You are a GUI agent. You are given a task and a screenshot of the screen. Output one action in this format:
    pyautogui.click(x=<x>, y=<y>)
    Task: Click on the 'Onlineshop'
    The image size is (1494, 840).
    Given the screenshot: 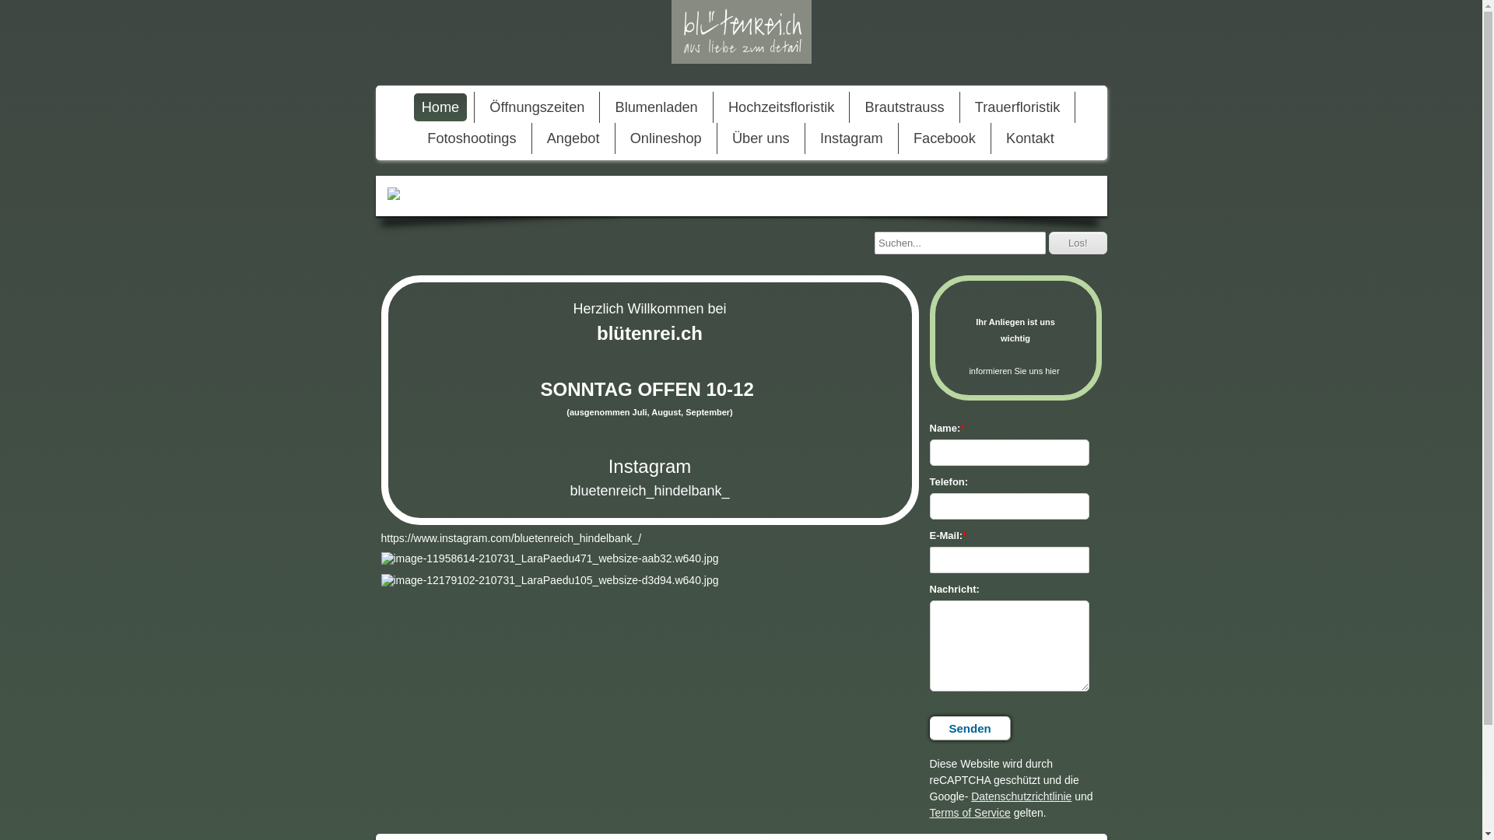 What is the action you would take?
    pyautogui.click(x=665, y=137)
    